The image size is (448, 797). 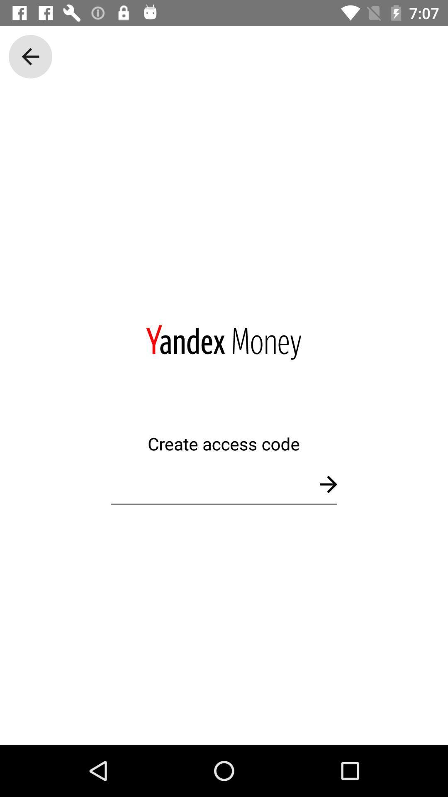 What do you see at coordinates (224, 484) in the screenshot?
I see `access code` at bounding box center [224, 484].